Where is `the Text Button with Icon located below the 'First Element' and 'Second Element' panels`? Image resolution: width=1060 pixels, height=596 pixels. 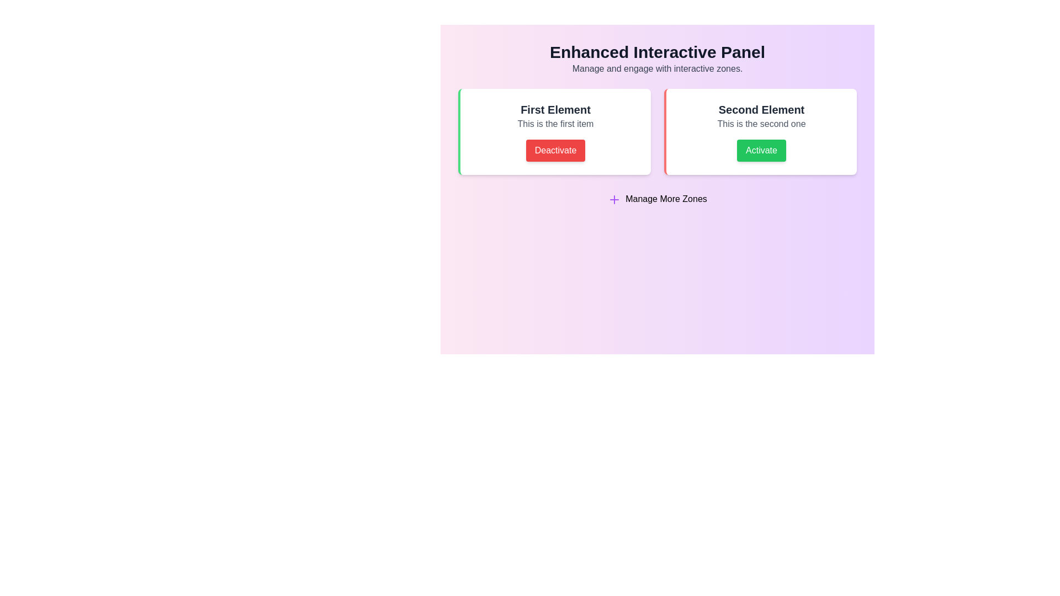 the Text Button with Icon located below the 'First Element' and 'Second Element' panels is located at coordinates (657, 199).